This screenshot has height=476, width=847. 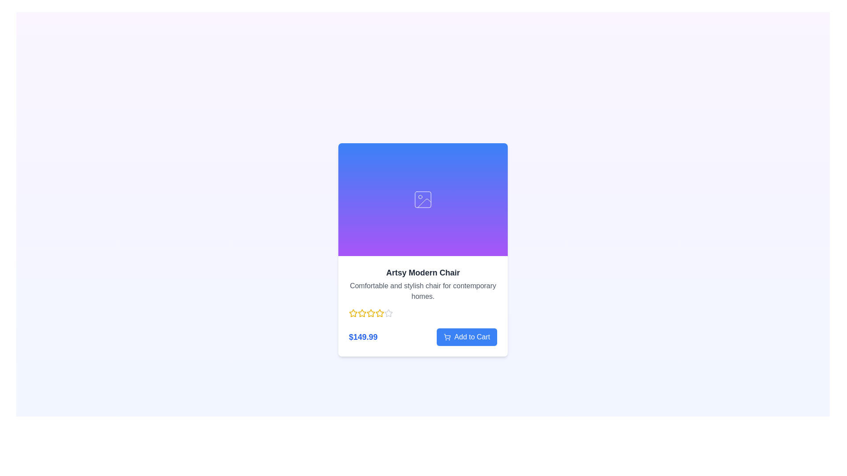 What do you see at coordinates (447, 336) in the screenshot?
I see `the shopping cart icon within the 'Add to Cart' button located at the bottom-right portion of the product card` at bounding box center [447, 336].